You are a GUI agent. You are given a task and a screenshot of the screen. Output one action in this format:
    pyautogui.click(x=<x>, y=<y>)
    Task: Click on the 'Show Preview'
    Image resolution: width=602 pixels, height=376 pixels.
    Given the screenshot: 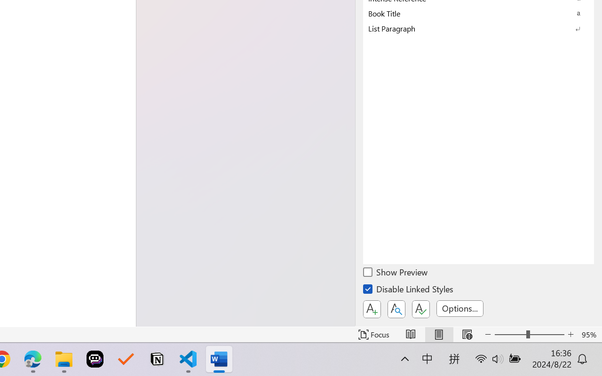 What is the action you would take?
    pyautogui.click(x=396, y=273)
    